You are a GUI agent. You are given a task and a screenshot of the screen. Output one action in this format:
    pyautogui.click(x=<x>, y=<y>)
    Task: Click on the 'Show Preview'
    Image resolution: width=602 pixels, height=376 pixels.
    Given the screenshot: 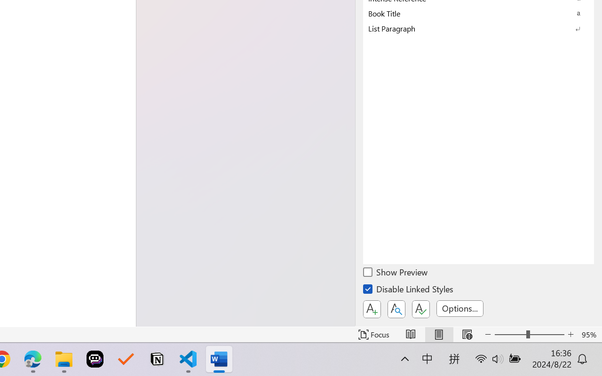 What is the action you would take?
    pyautogui.click(x=396, y=273)
    